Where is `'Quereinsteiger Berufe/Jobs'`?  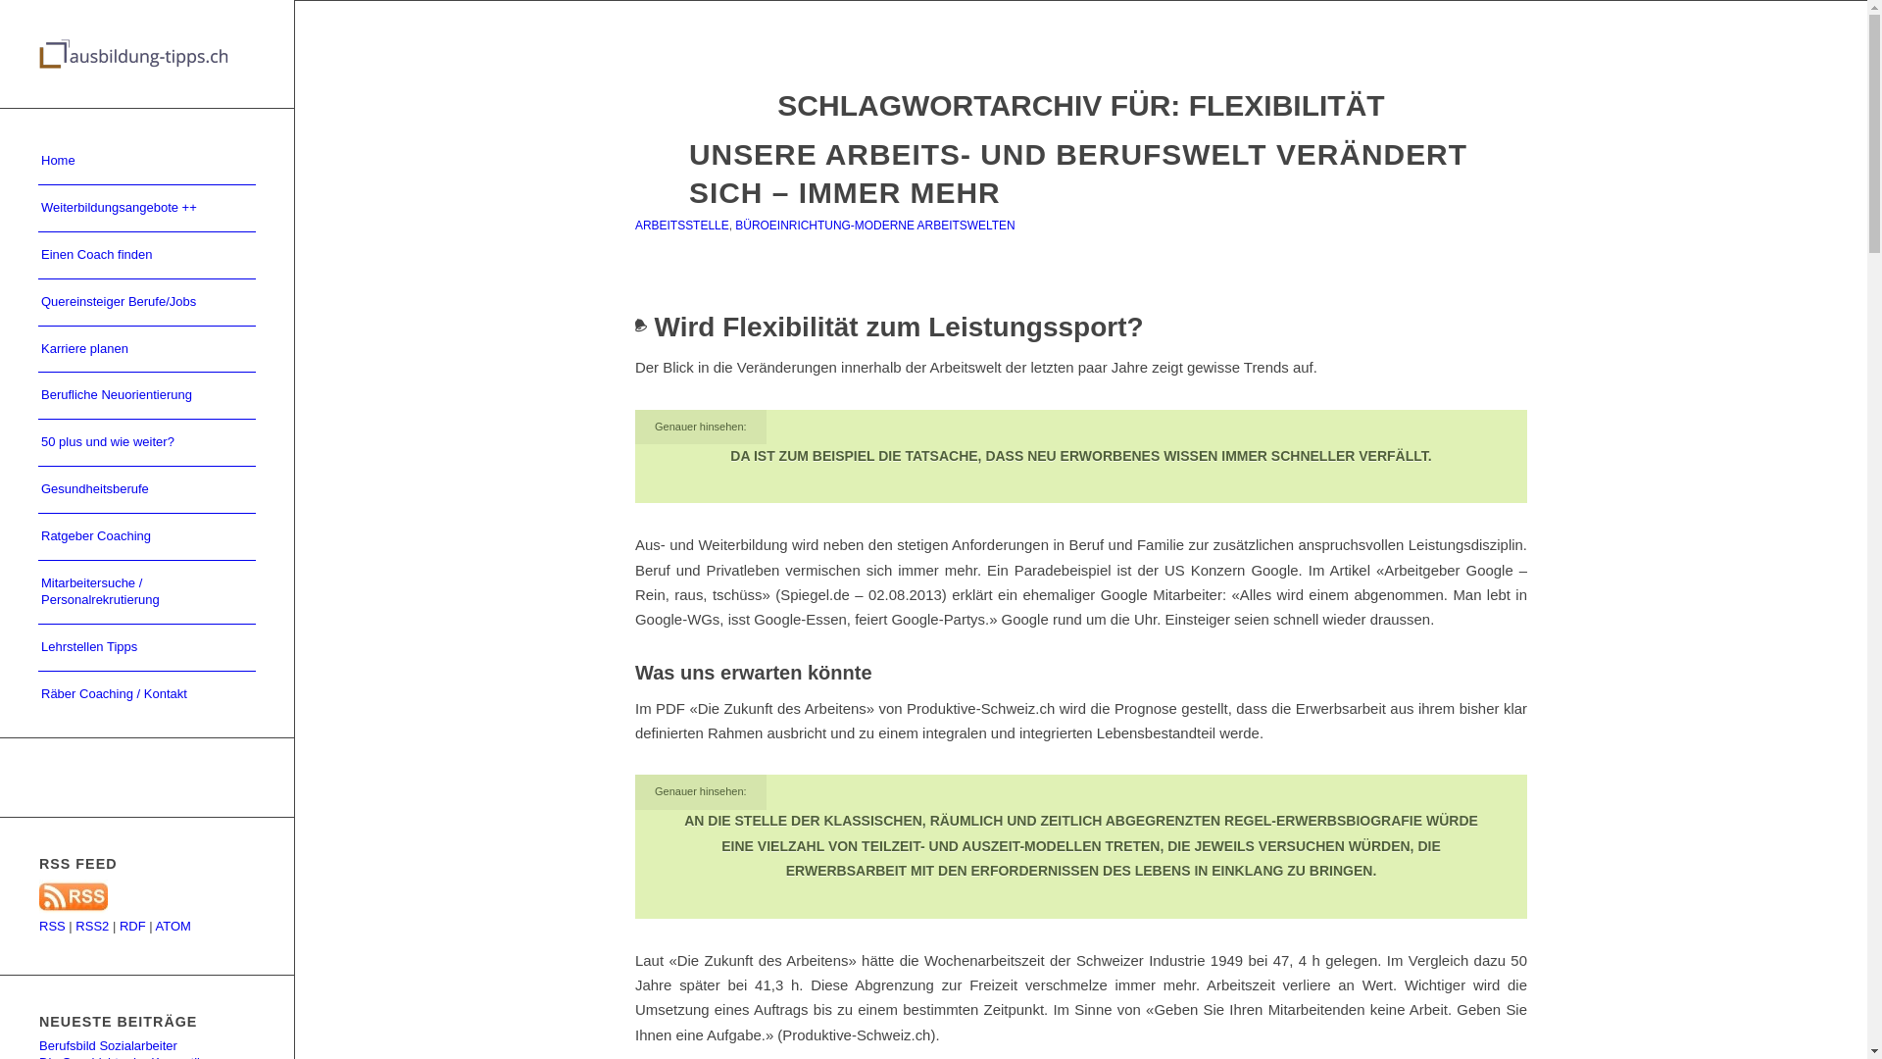 'Quereinsteiger Berufe/Jobs' is located at coordinates (145, 302).